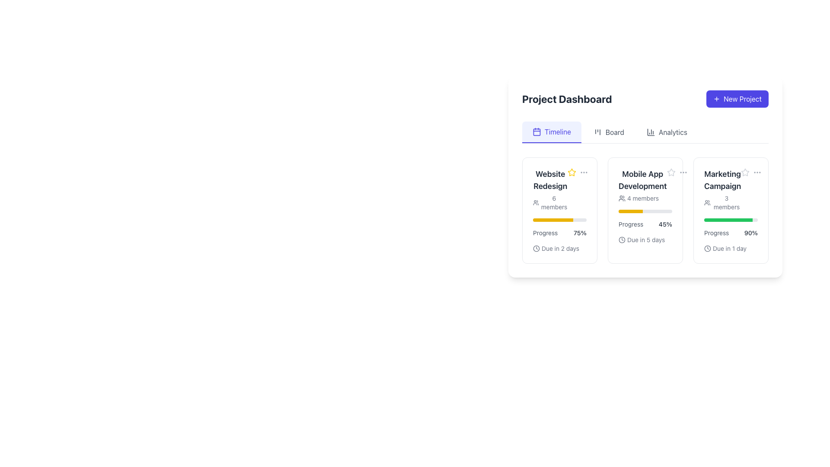 This screenshot has width=830, height=467. Describe the element at coordinates (536, 131) in the screenshot. I see `the calendar icon with rounded edges and the text 'Timeline' located in the top-left of the horizontal navigation tab in the dashboard interface` at that location.